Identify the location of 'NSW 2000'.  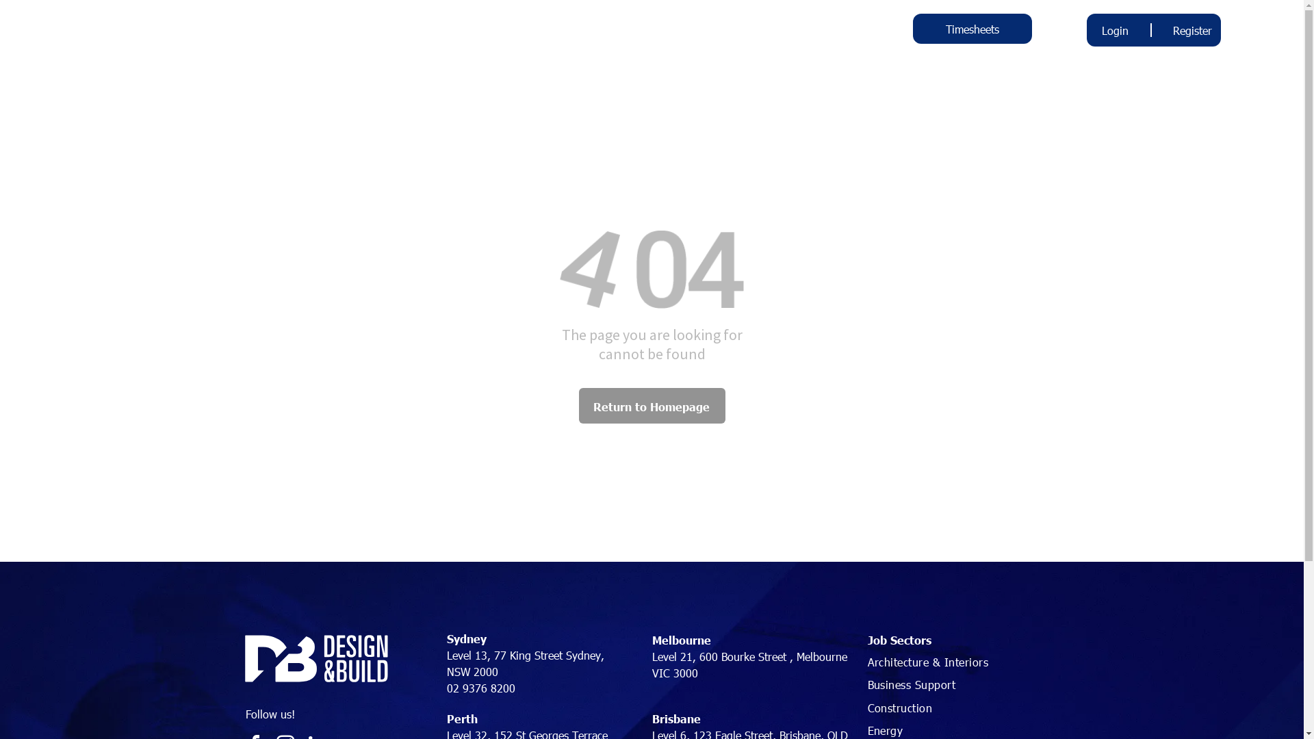
(472, 671).